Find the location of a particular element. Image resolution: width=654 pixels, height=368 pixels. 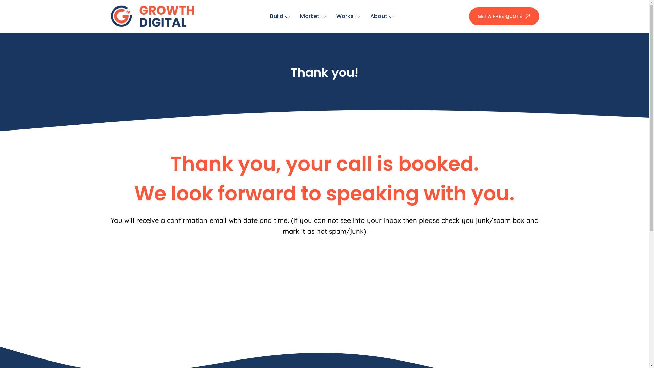

'GET A FREE QUOTE' is located at coordinates (468, 16).